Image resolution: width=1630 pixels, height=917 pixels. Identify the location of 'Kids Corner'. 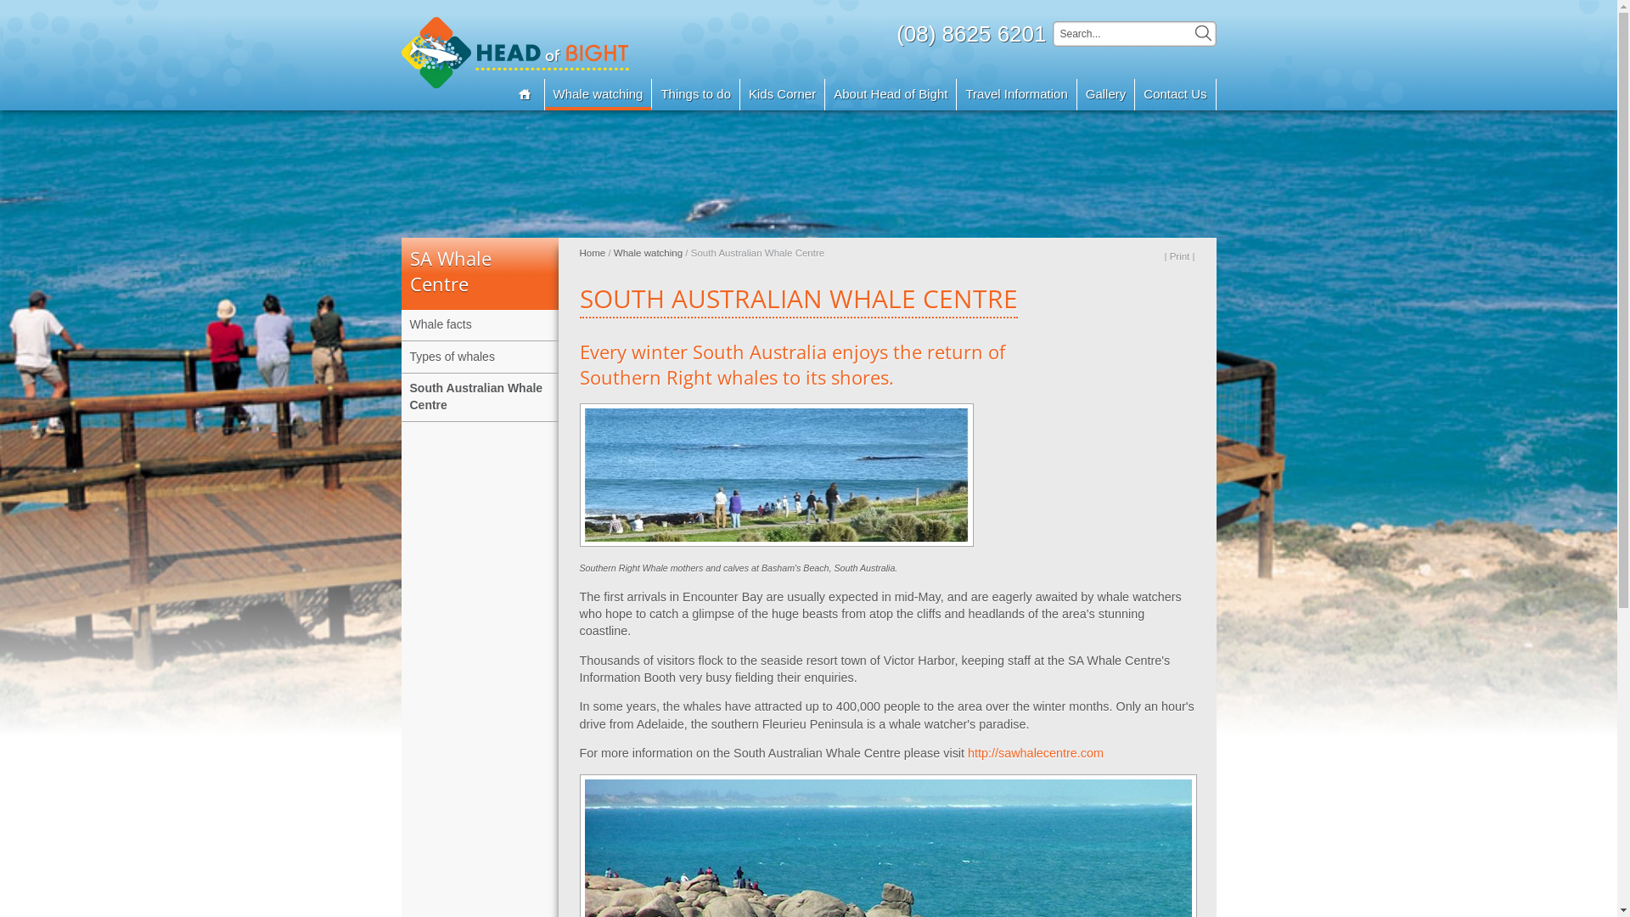
(781, 94).